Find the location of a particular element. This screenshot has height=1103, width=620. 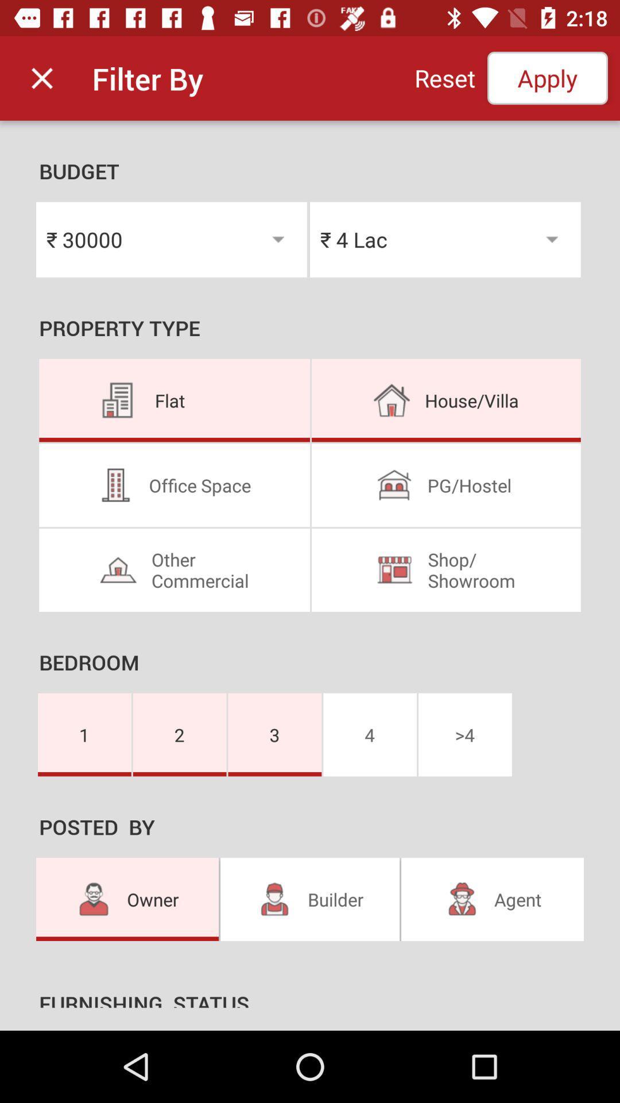

icon above budget item is located at coordinates (444, 78).